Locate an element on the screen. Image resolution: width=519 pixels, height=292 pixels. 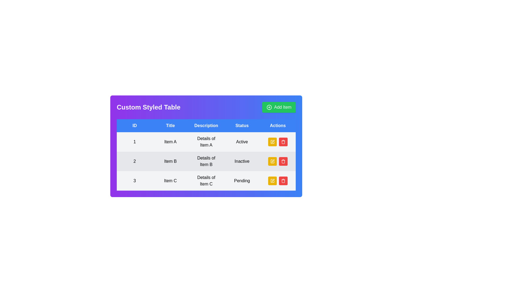
the edit button with an icon located in the second row of the 'Actions' column in the table is located at coordinates (272, 161).